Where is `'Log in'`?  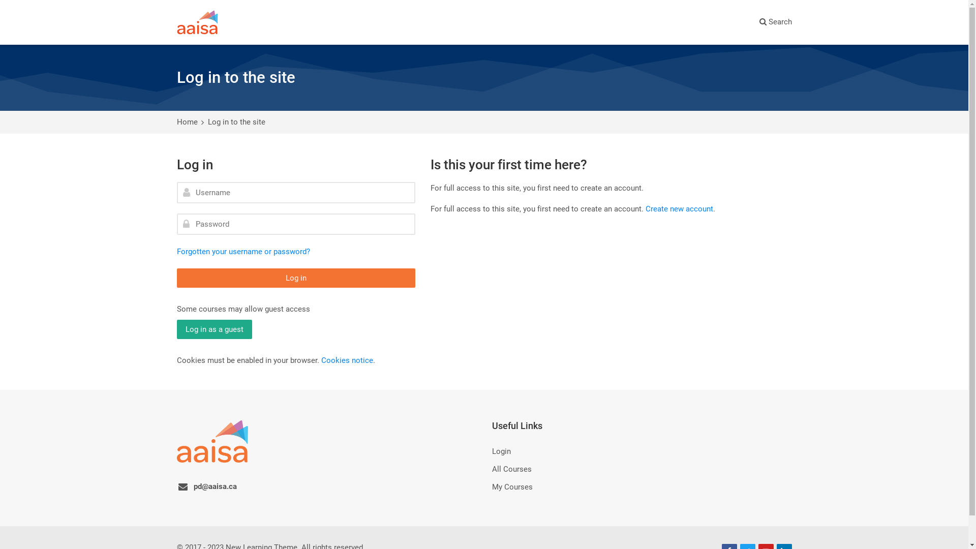
'Log in' is located at coordinates (295, 278).